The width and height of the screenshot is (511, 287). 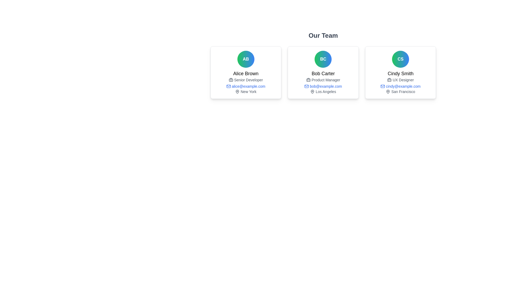 I want to click on the mail icon located in the second user card of the 'Our Team' section, which is positioned before the email 'bob@example.com', so click(x=307, y=86).